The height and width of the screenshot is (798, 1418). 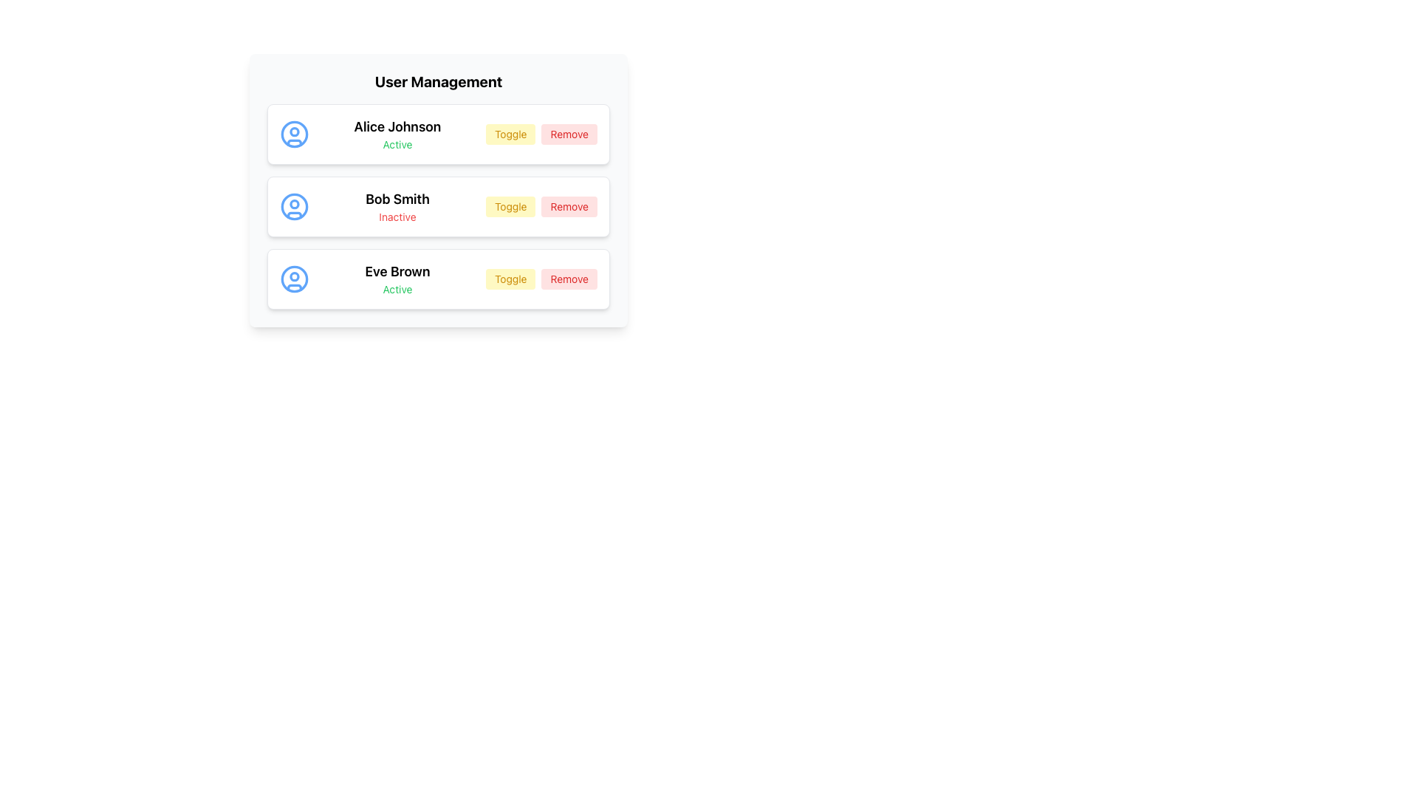 What do you see at coordinates (294, 204) in the screenshot?
I see `the small SVG Circle that represents Bob Smith's profile, located inside the second user profile icon in the user management interface` at bounding box center [294, 204].